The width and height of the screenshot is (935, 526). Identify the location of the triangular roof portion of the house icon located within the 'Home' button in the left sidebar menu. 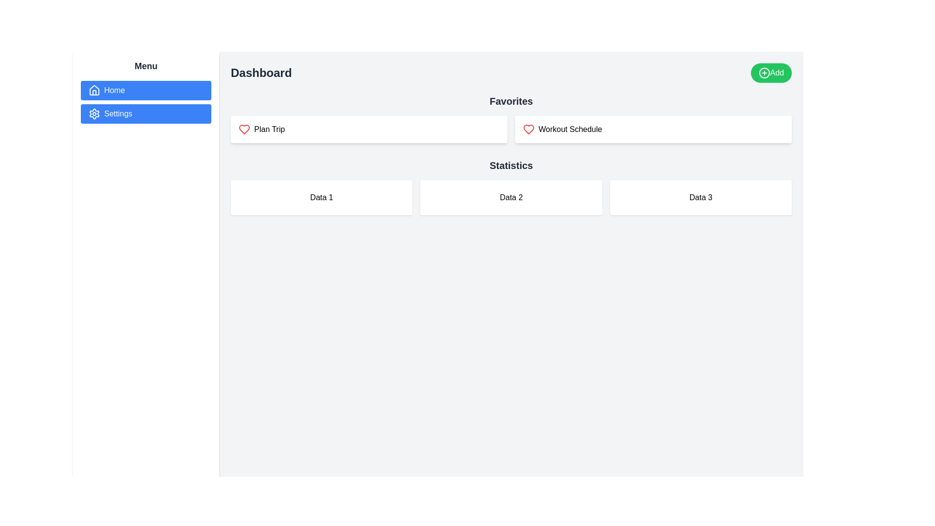
(94, 90).